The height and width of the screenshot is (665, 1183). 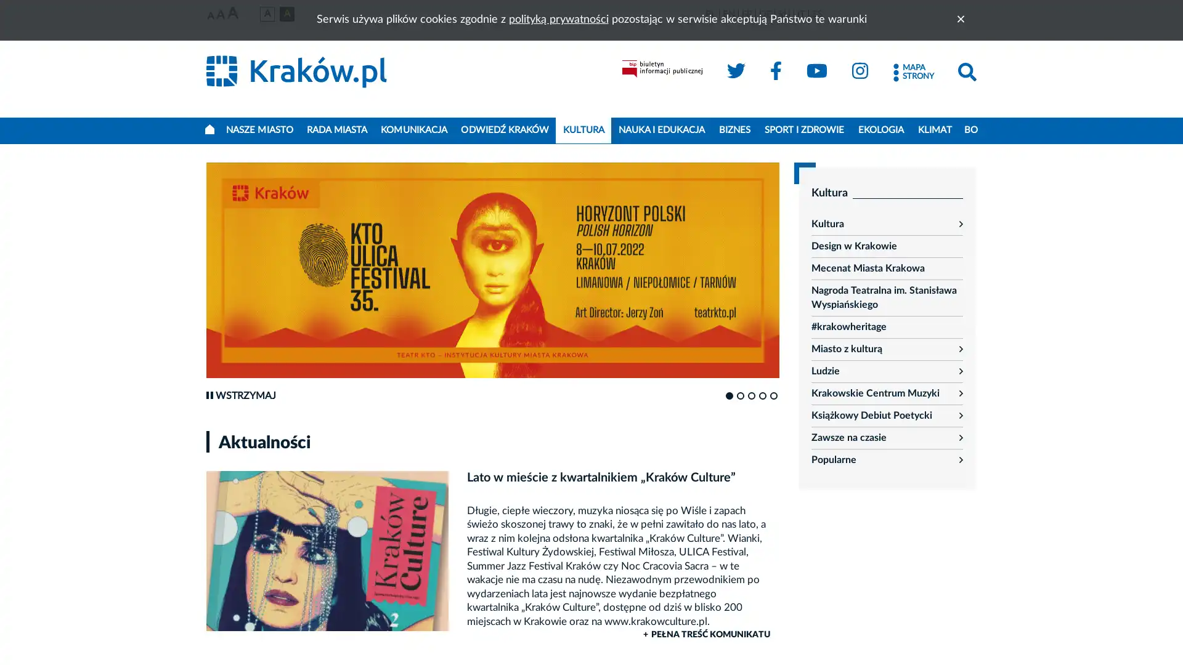 I want to click on Szukaj, so click(x=966, y=72).